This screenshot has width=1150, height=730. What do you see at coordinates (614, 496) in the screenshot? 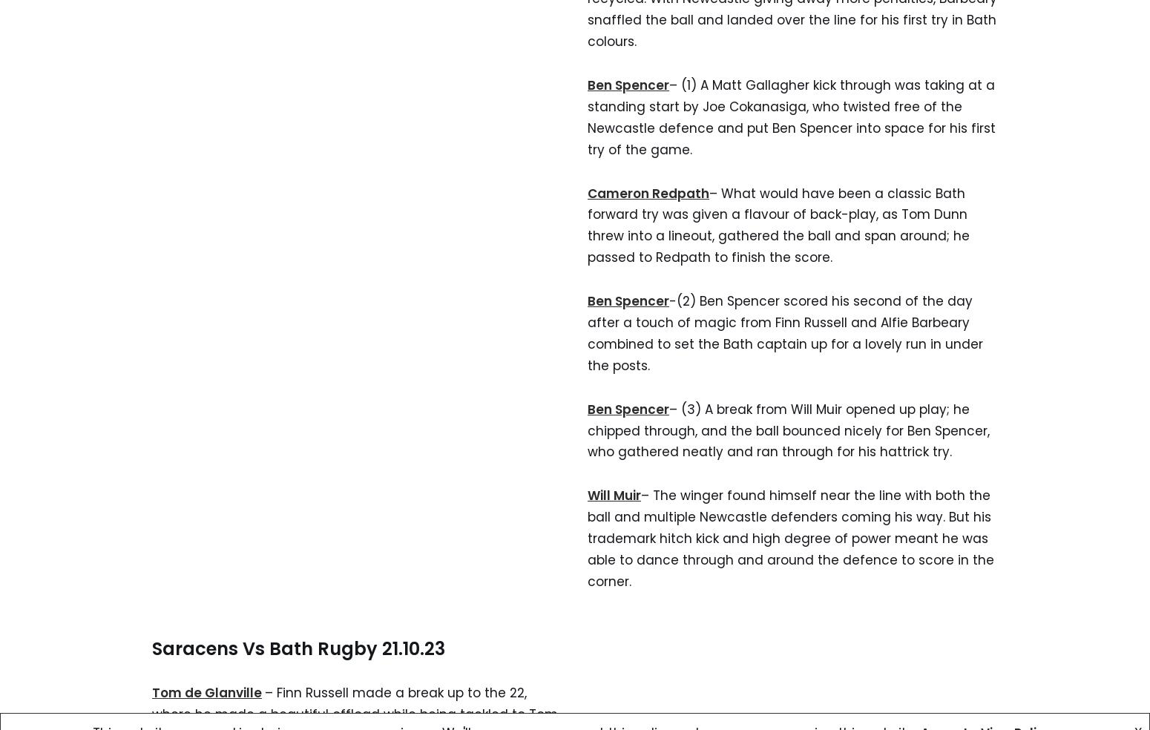
I see `'Will Muir'` at bounding box center [614, 496].